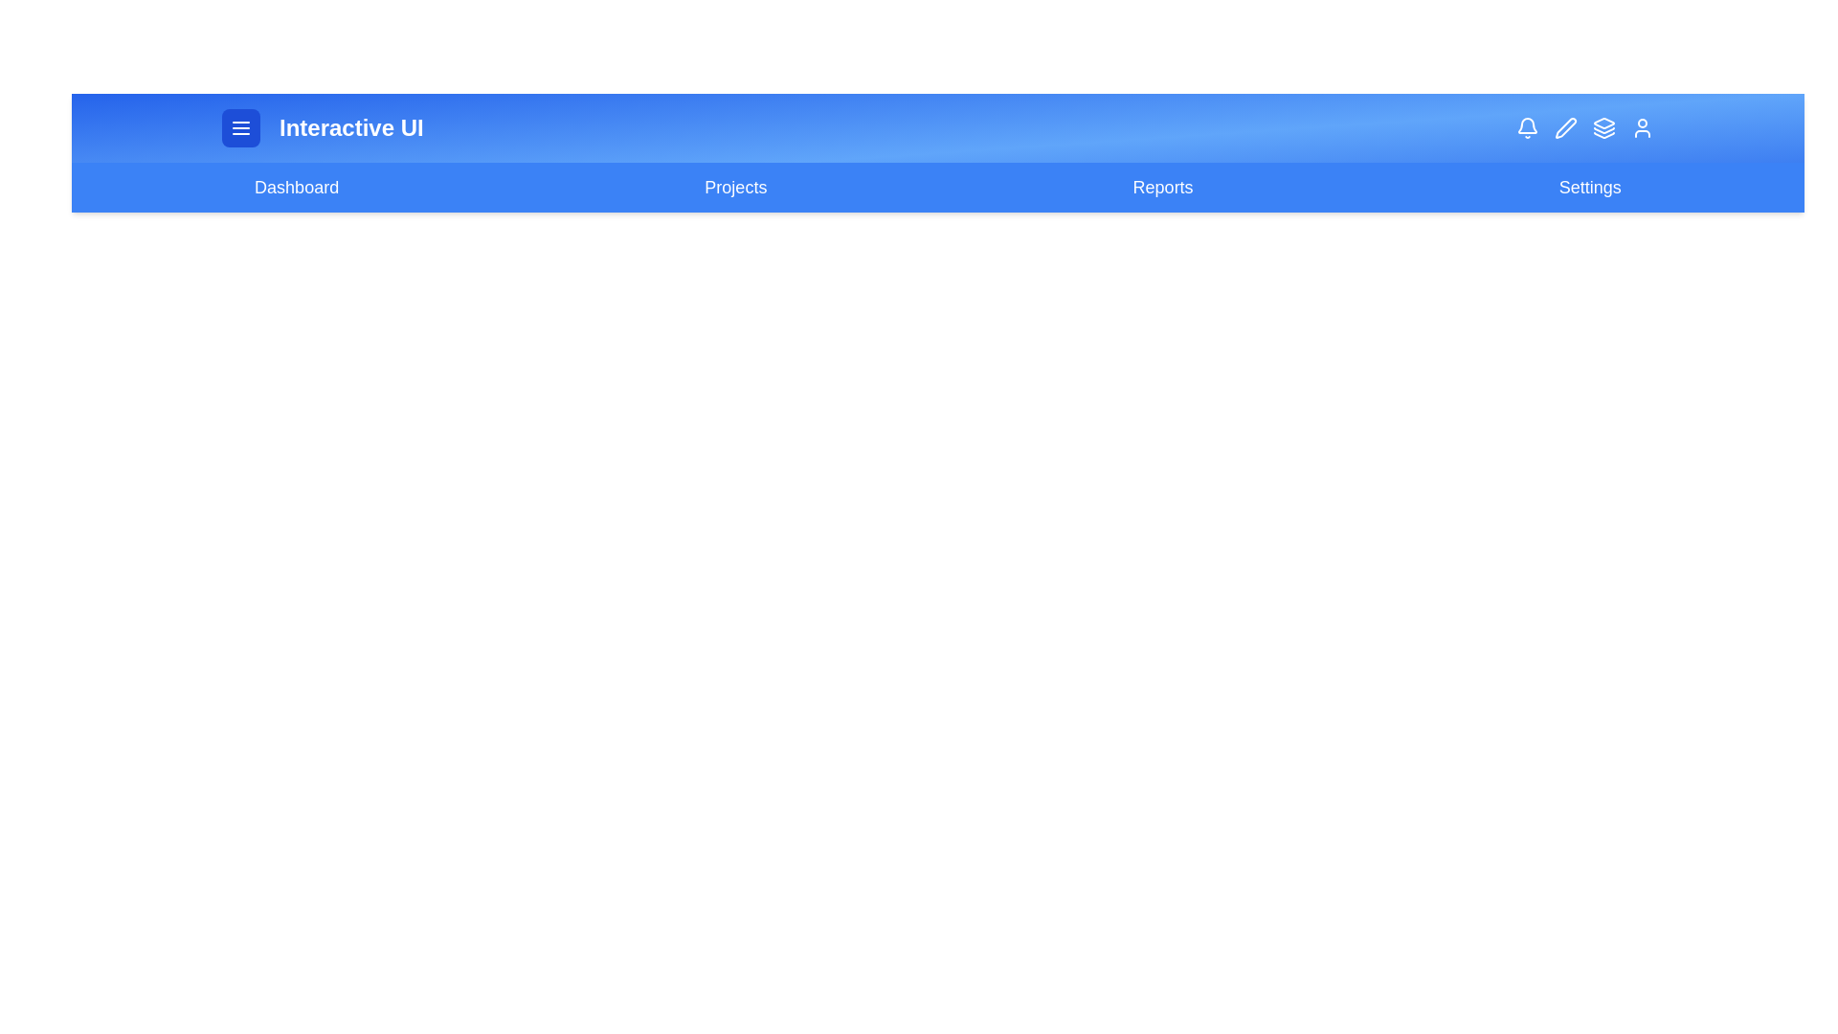 The image size is (1838, 1034). What do you see at coordinates (1642, 128) in the screenshot?
I see `the User icon button in the top-right corner` at bounding box center [1642, 128].